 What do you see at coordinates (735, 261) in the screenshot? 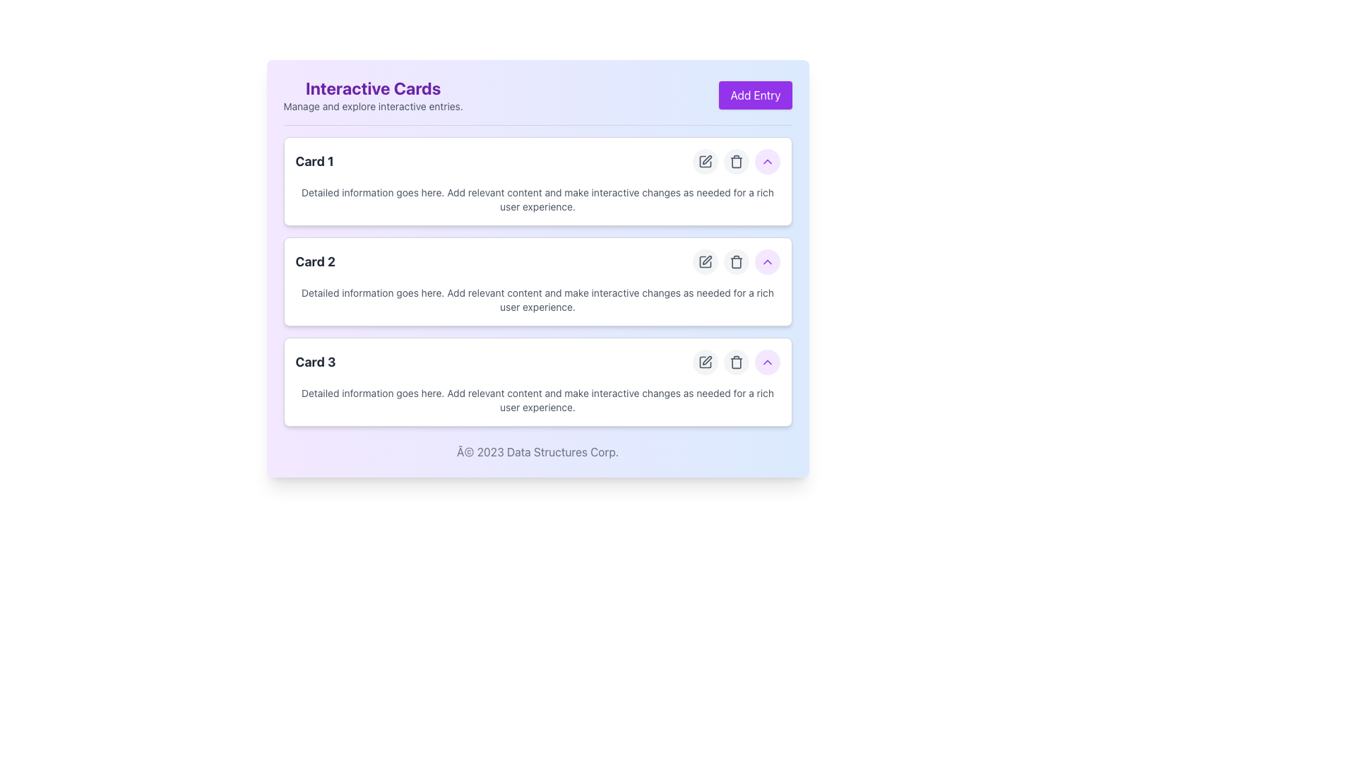
I see `the trash icon located in the top-right corner of the second interactive card` at bounding box center [735, 261].